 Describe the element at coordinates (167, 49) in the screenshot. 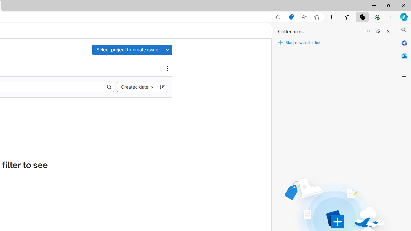

I see `'Toggle project select'` at that location.